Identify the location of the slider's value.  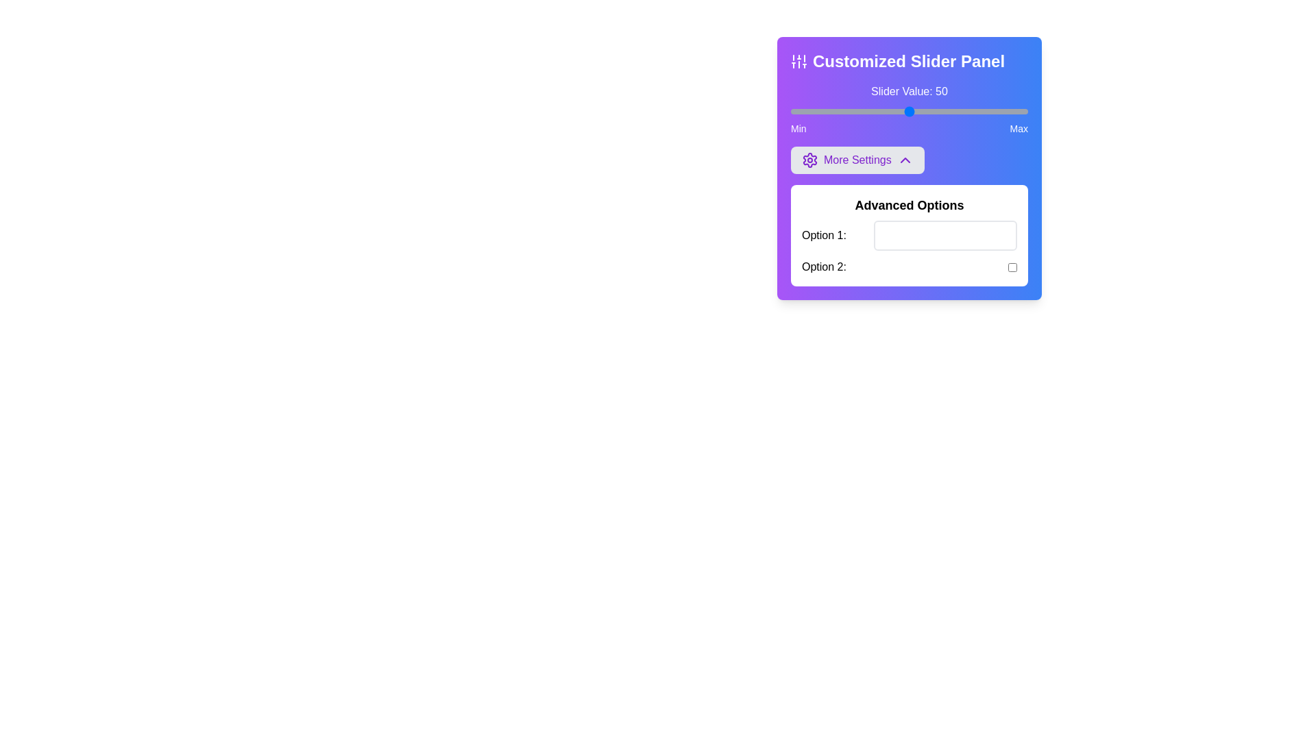
(798, 110).